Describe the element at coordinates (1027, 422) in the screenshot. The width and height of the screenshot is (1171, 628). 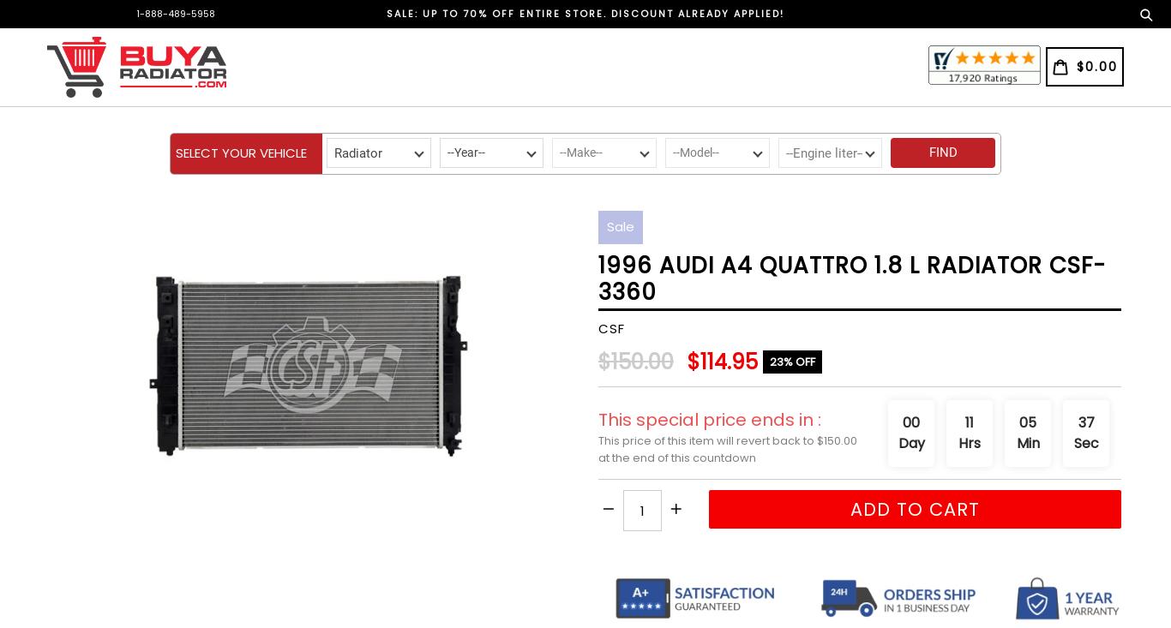
I see `'05'` at that location.